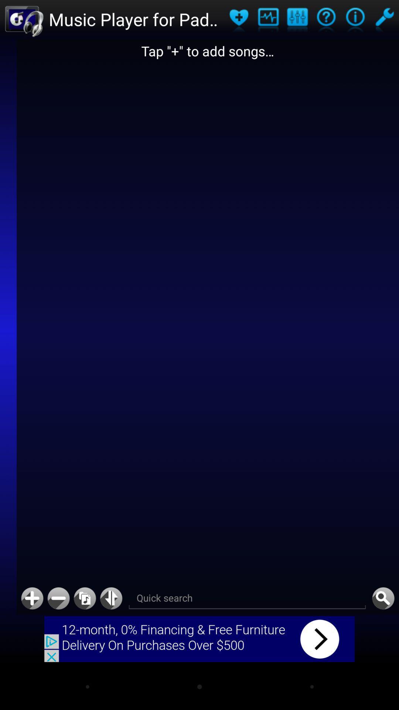 This screenshot has width=399, height=710. What do you see at coordinates (199, 639) in the screenshot?
I see `advertisement click` at bounding box center [199, 639].